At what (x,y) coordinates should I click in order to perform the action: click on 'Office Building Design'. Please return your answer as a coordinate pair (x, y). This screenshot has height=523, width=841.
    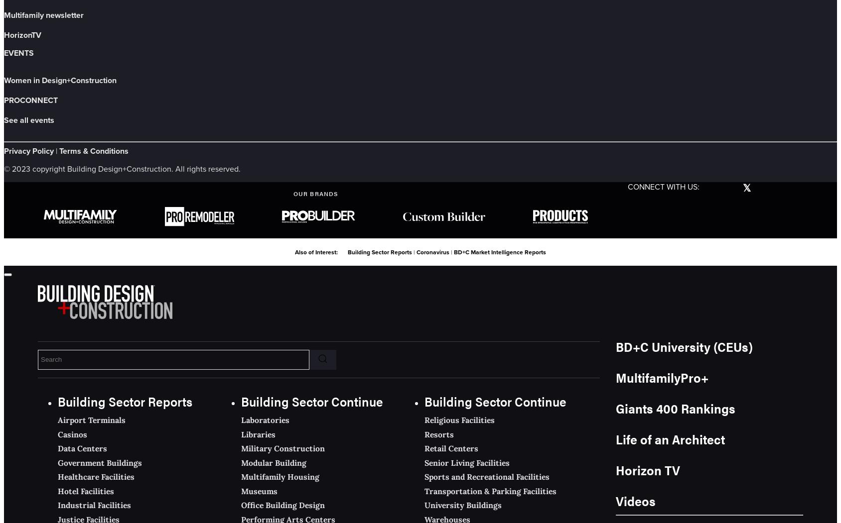
    Looking at the image, I should click on (283, 504).